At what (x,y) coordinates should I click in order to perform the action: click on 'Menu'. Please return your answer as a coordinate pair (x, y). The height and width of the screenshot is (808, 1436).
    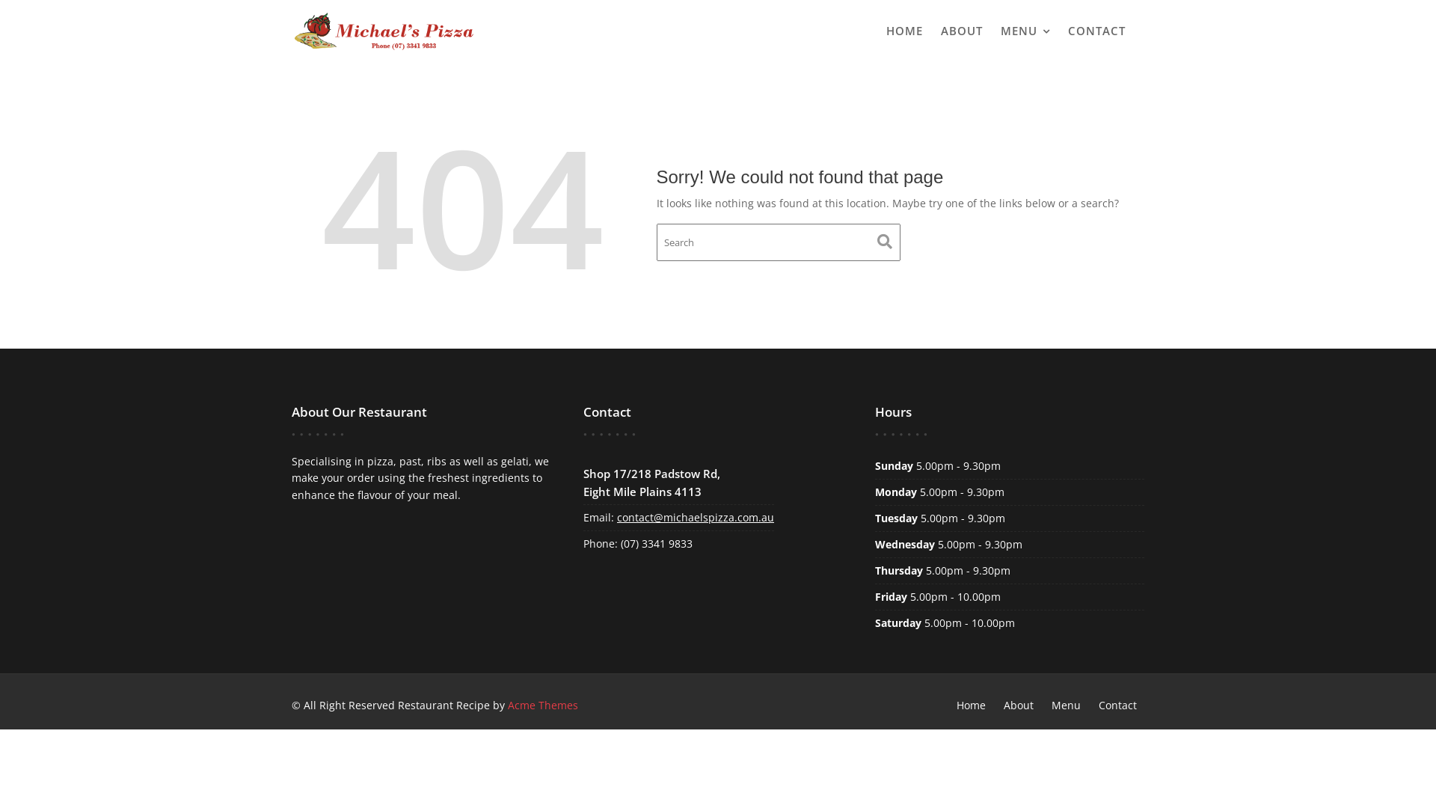
    Looking at the image, I should click on (1065, 705).